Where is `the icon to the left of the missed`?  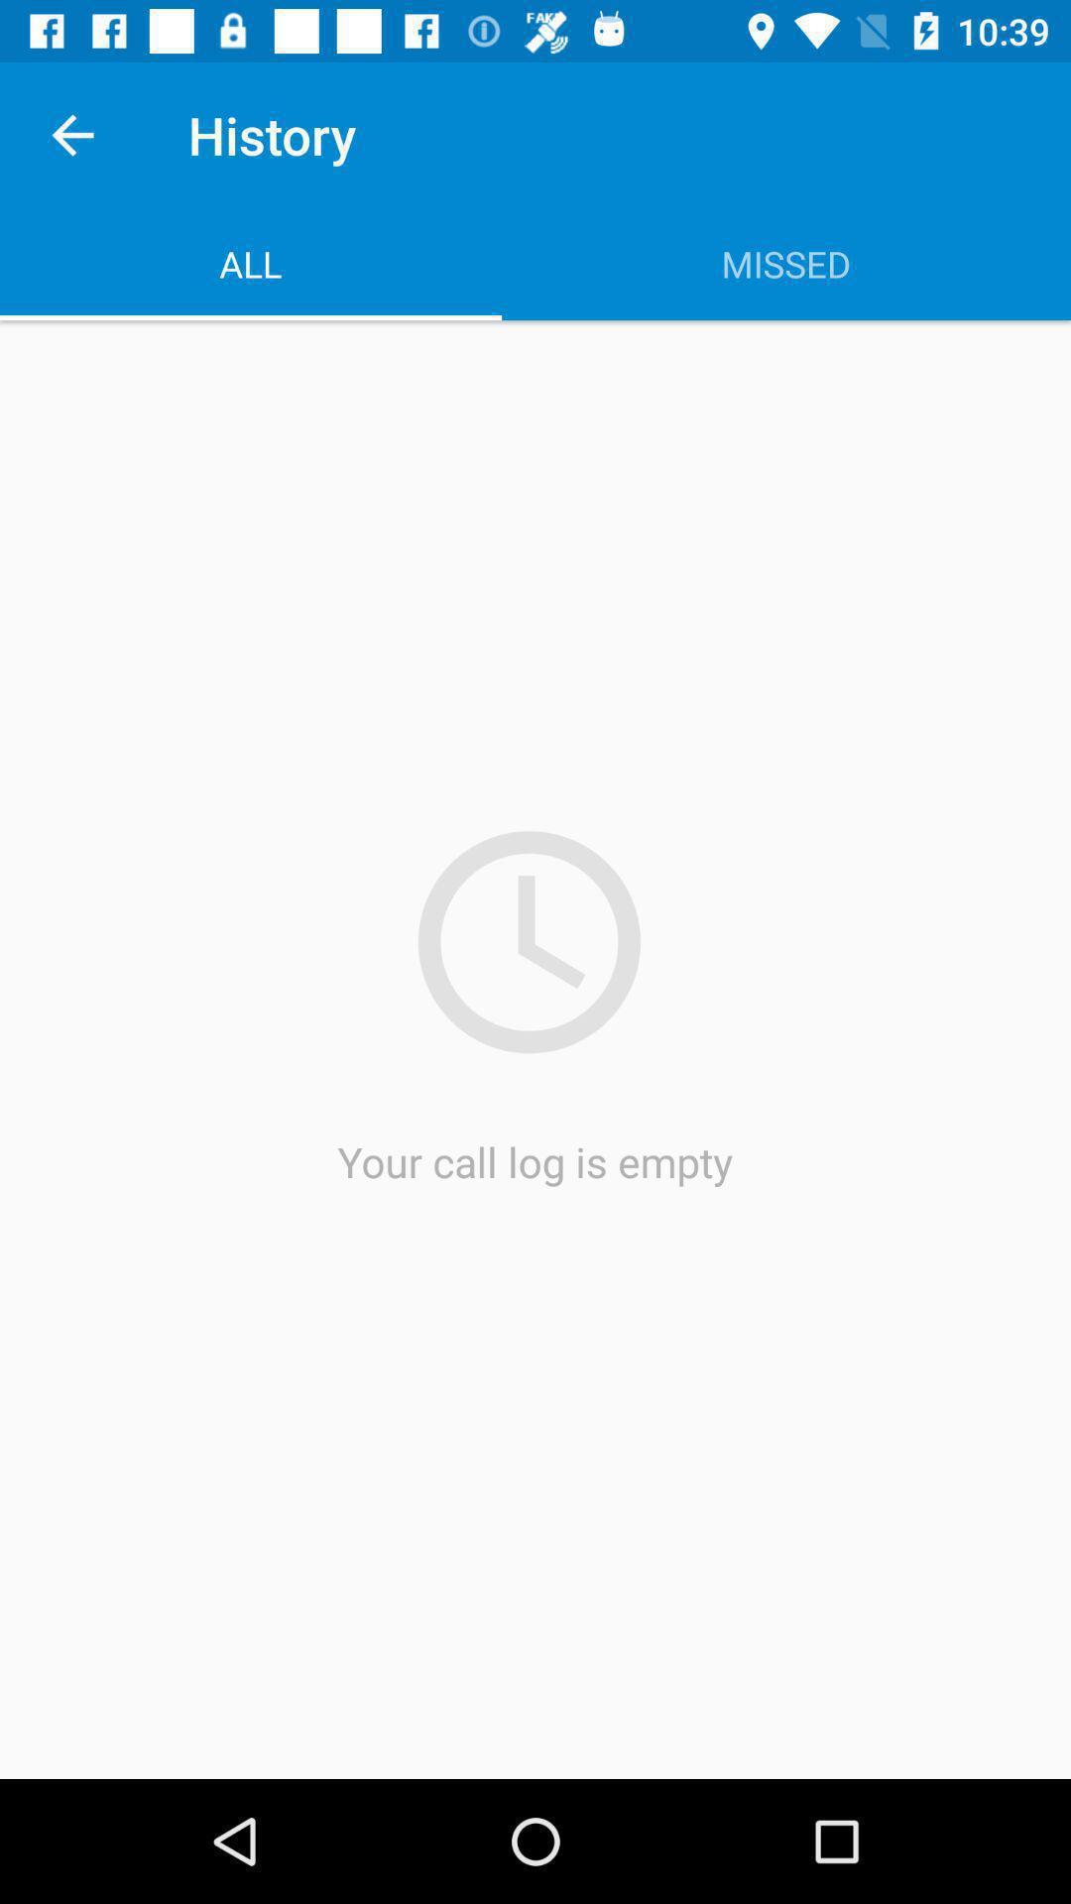
the icon to the left of the missed is located at coordinates (250, 263).